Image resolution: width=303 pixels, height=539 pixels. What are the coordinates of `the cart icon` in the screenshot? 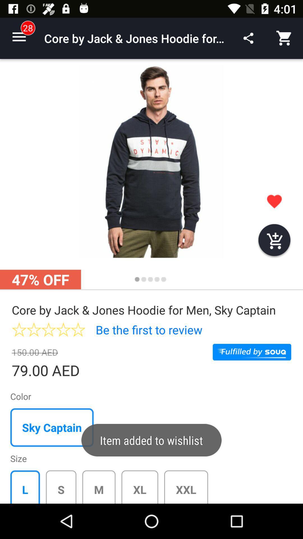 It's located at (274, 241).